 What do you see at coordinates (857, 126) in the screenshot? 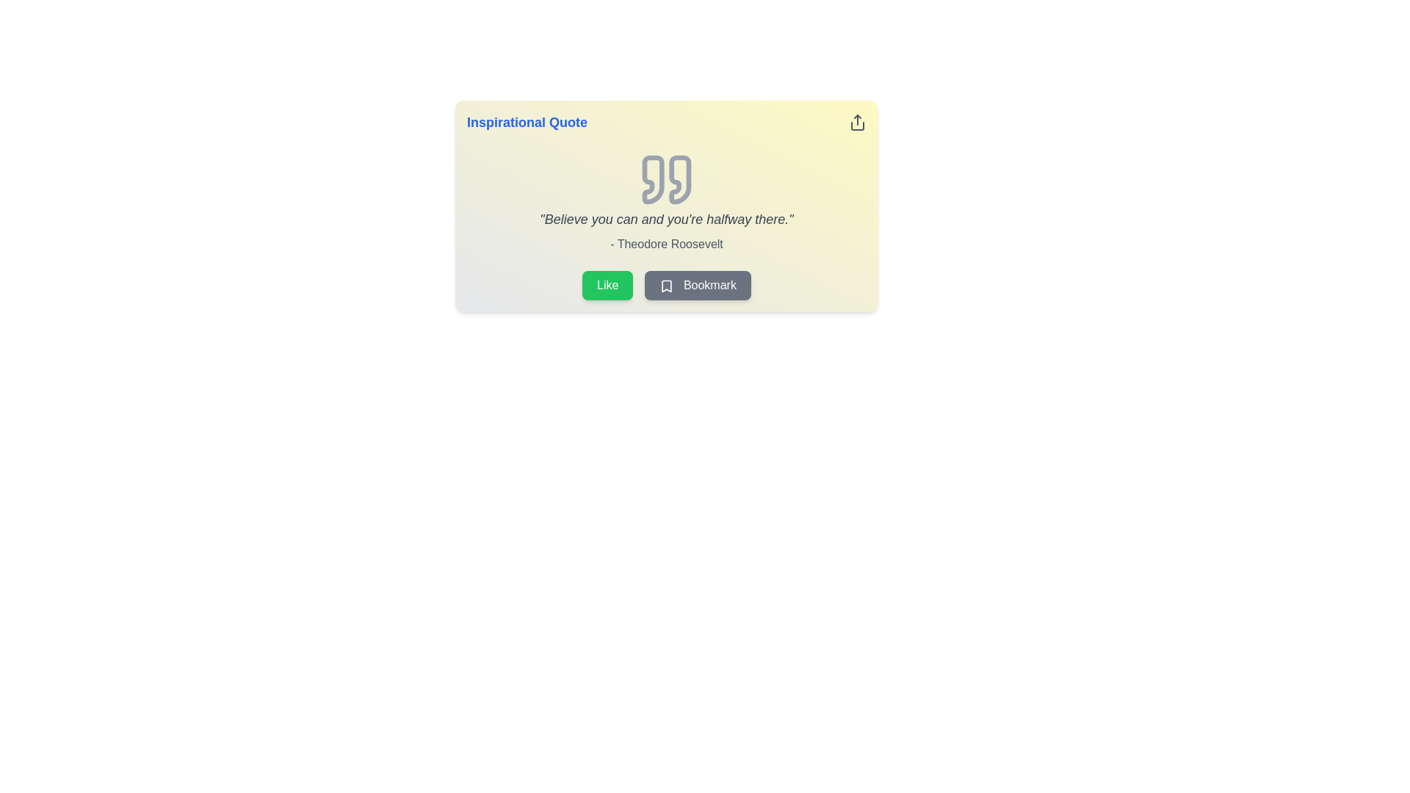
I see `the curved line segment of the arrow-like icon located in the top-right corner of the card` at bounding box center [857, 126].